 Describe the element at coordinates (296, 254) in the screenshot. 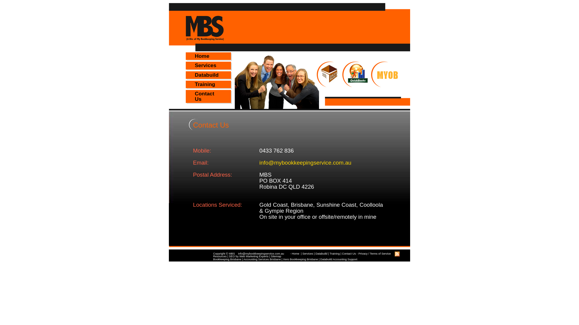

I see `'Home'` at that location.